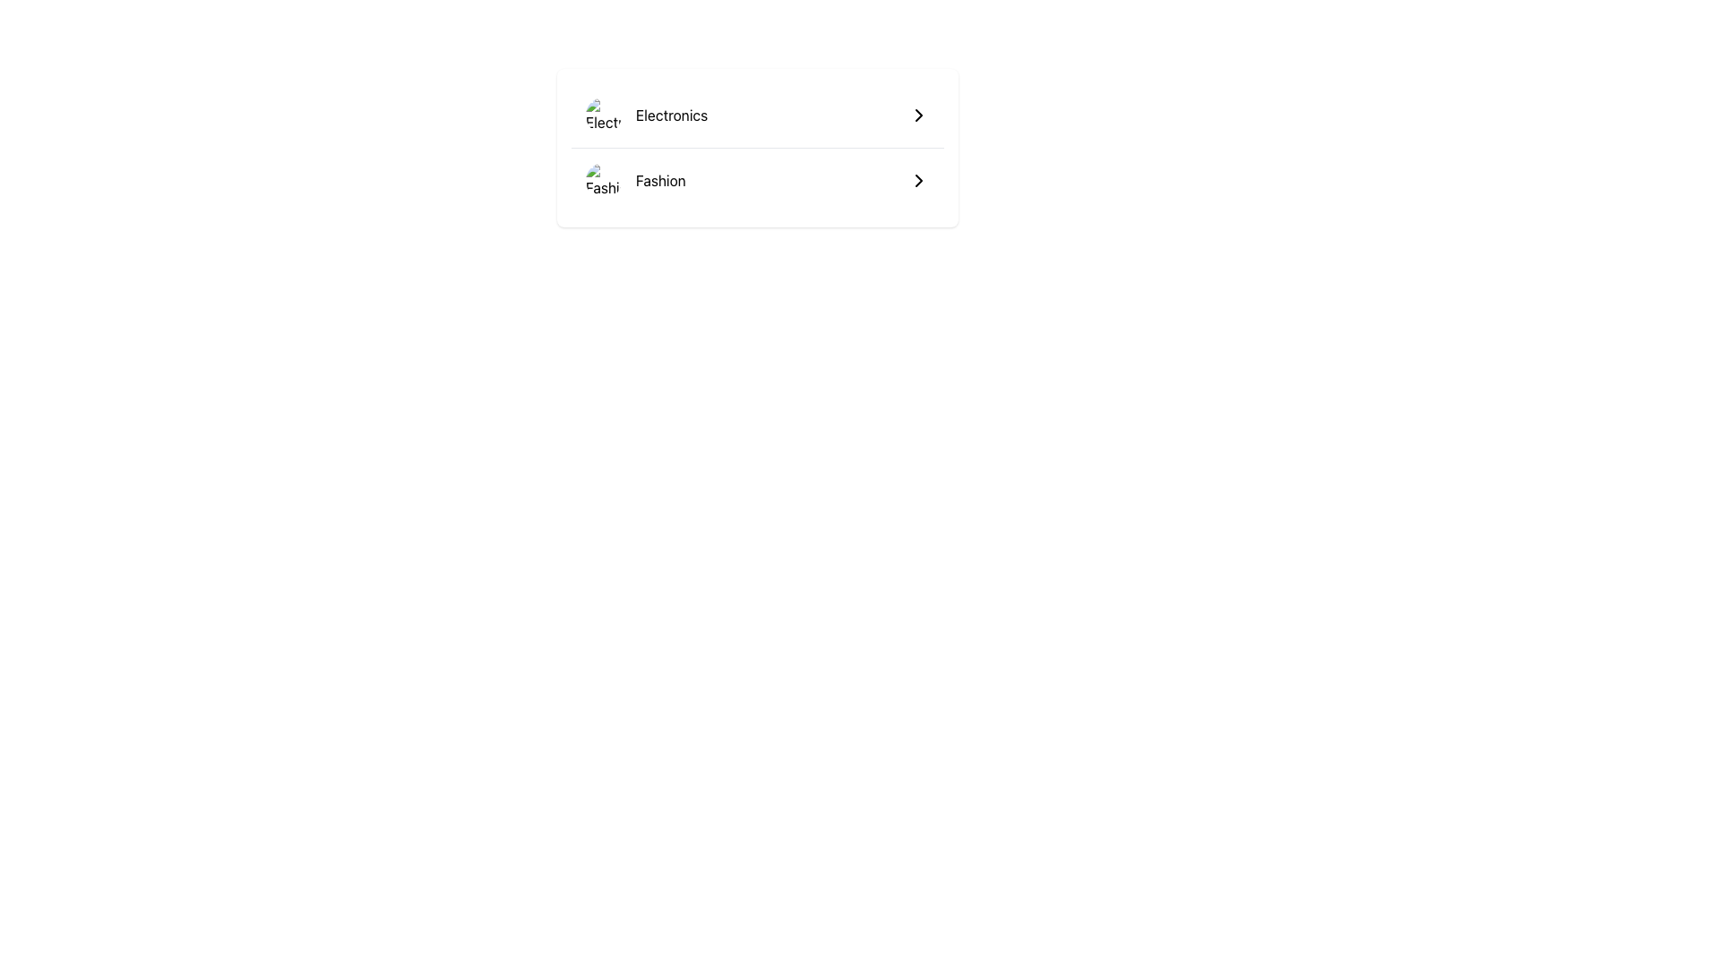 The image size is (1720, 967). I want to click on the second navigational button labeled 'Fashion' in the vertical list, so click(757, 180).